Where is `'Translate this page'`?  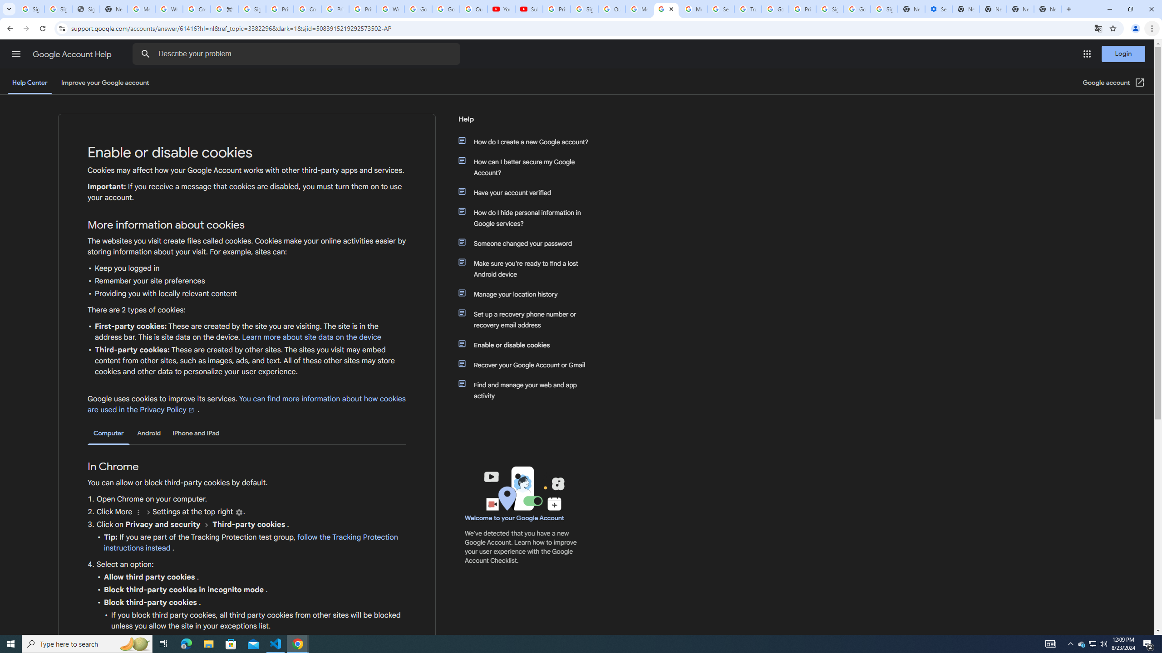
'Translate this page' is located at coordinates (1098, 28).